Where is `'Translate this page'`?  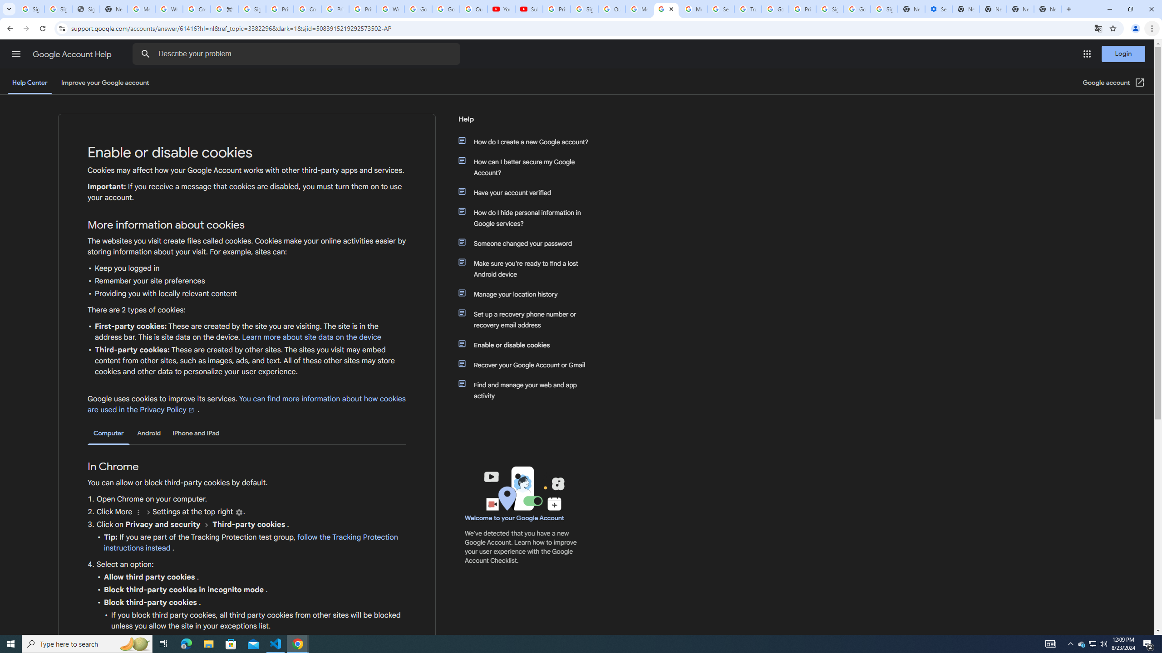
'Translate this page' is located at coordinates (1098, 28).